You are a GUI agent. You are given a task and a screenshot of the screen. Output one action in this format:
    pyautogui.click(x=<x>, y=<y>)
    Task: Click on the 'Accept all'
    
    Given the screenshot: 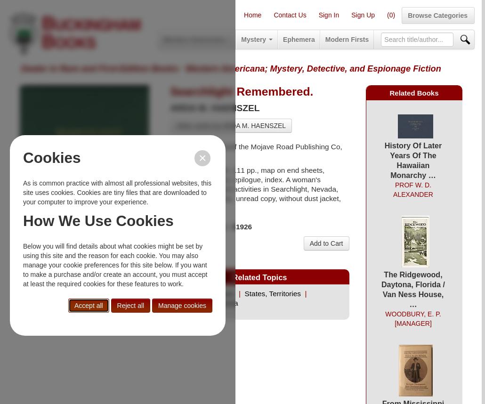 What is the action you would take?
    pyautogui.click(x=88, y=305)
    